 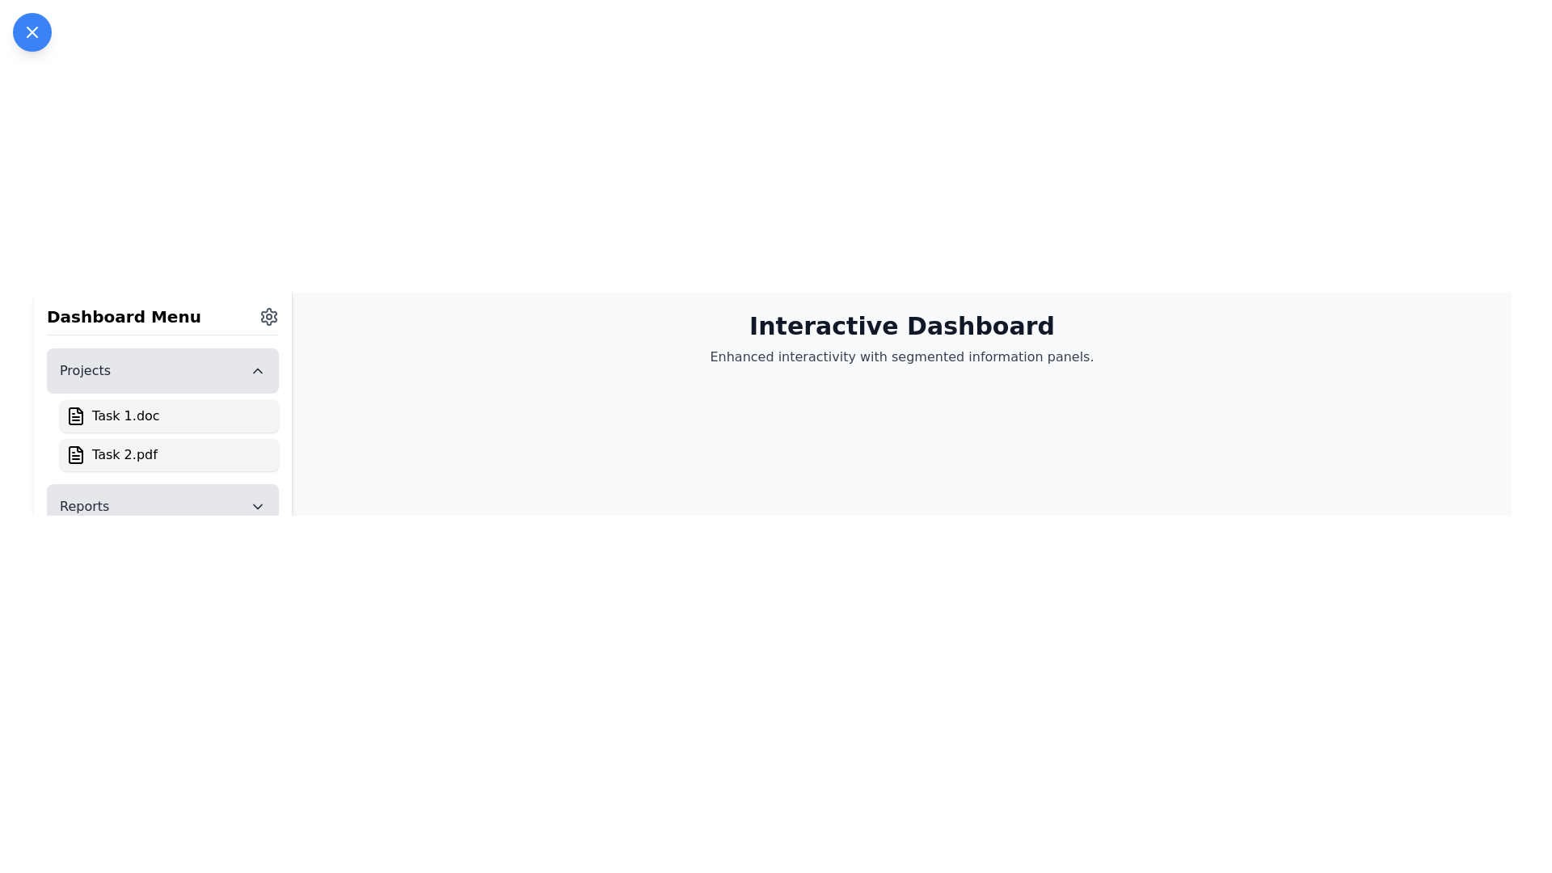 I want to click on the static text label 'Projects' which is displayed in a dark gray font within a light gray rounded rectangle background, located in the 'Dashboard Menu' sidebar, so click(x=84, y=371).